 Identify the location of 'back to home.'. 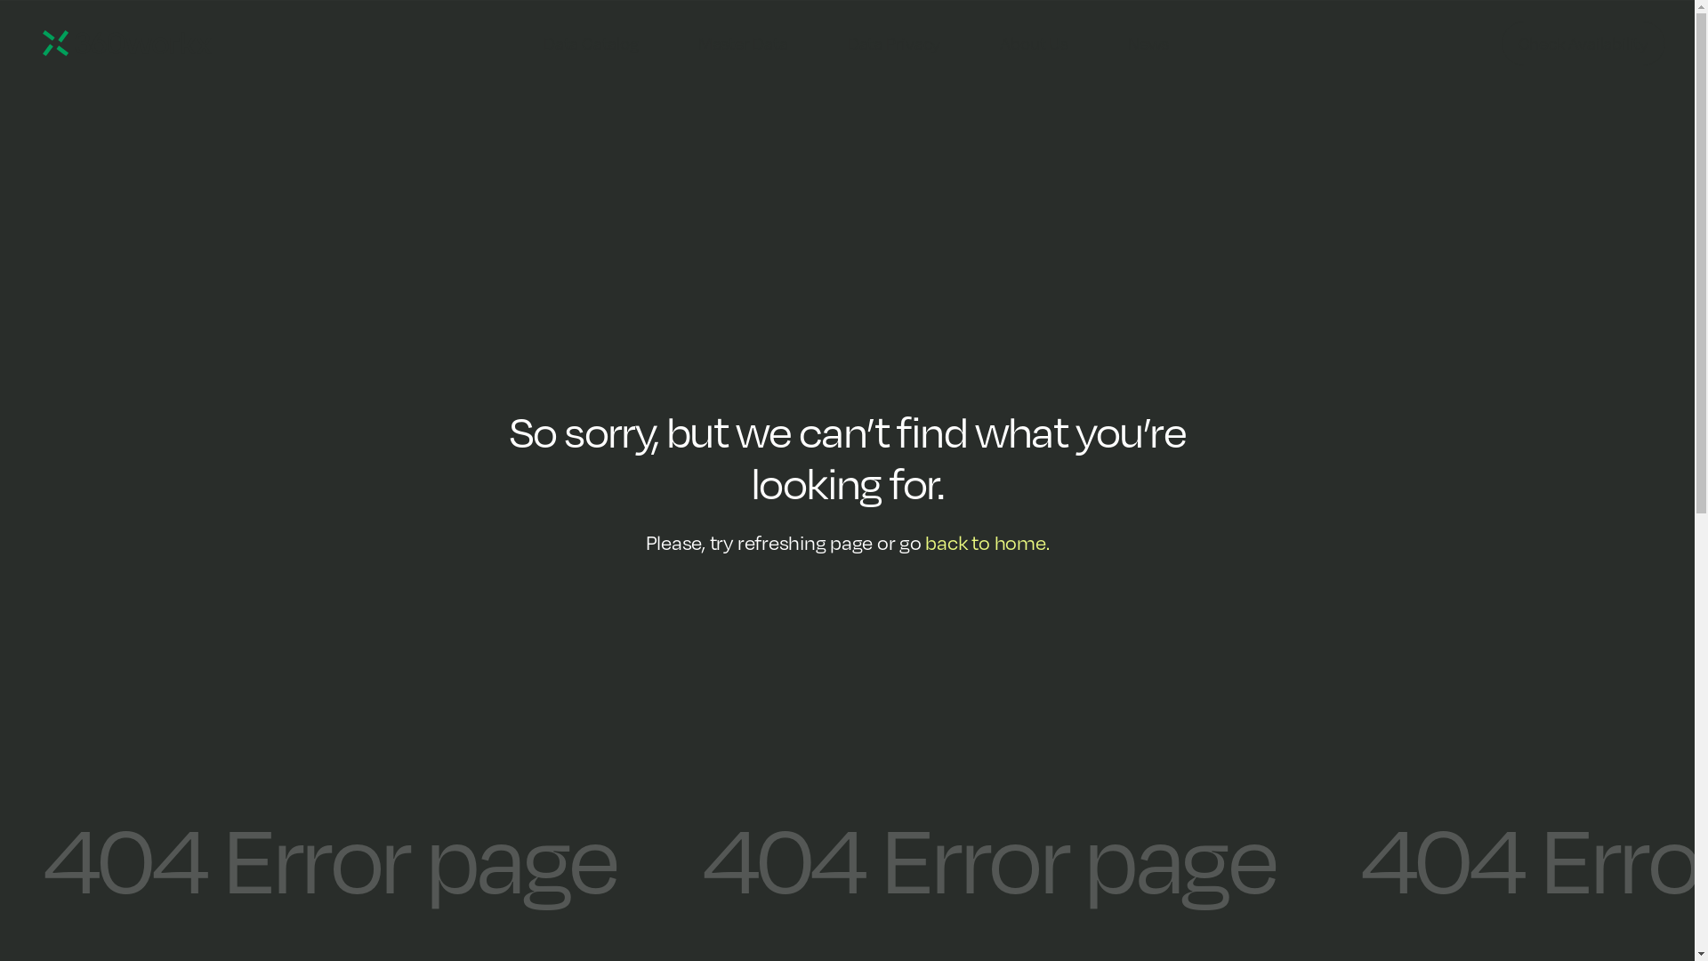
(986, 541).